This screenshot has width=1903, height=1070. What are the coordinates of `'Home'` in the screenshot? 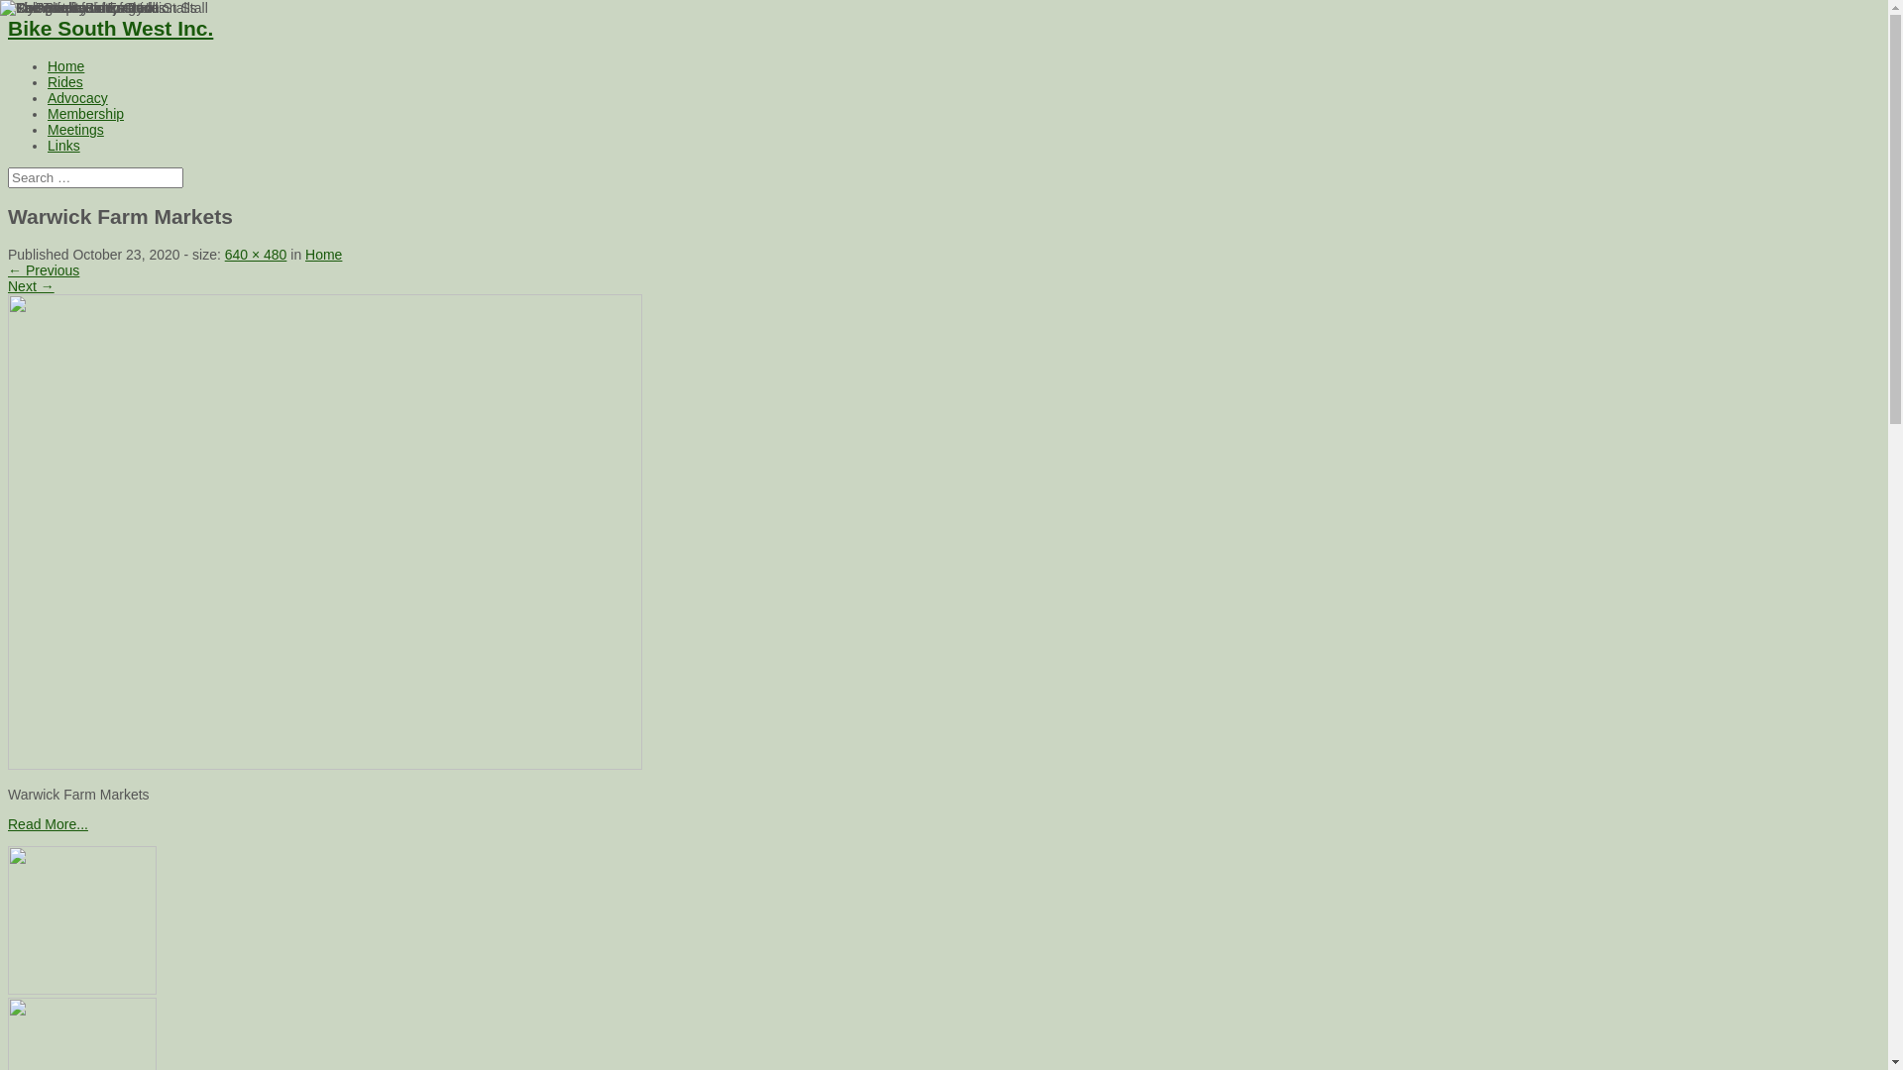 It's located at (323, 254).